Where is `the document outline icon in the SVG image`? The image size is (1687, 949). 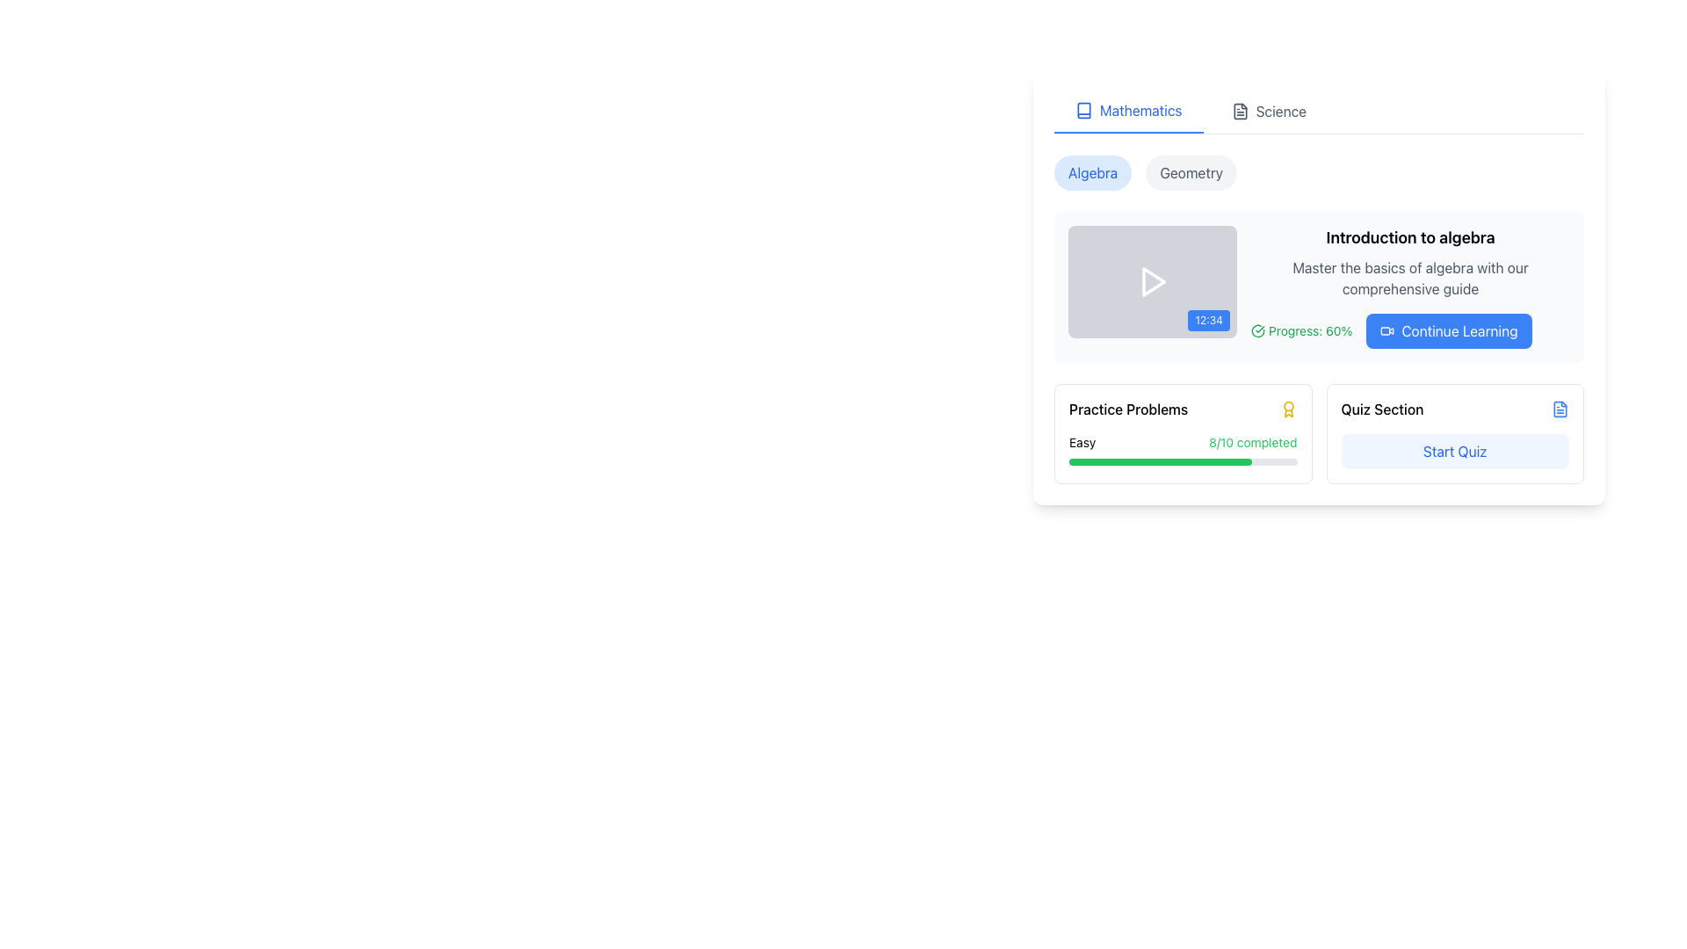
the document outline icon in the SVG image is located at coordinates (1560, 409).